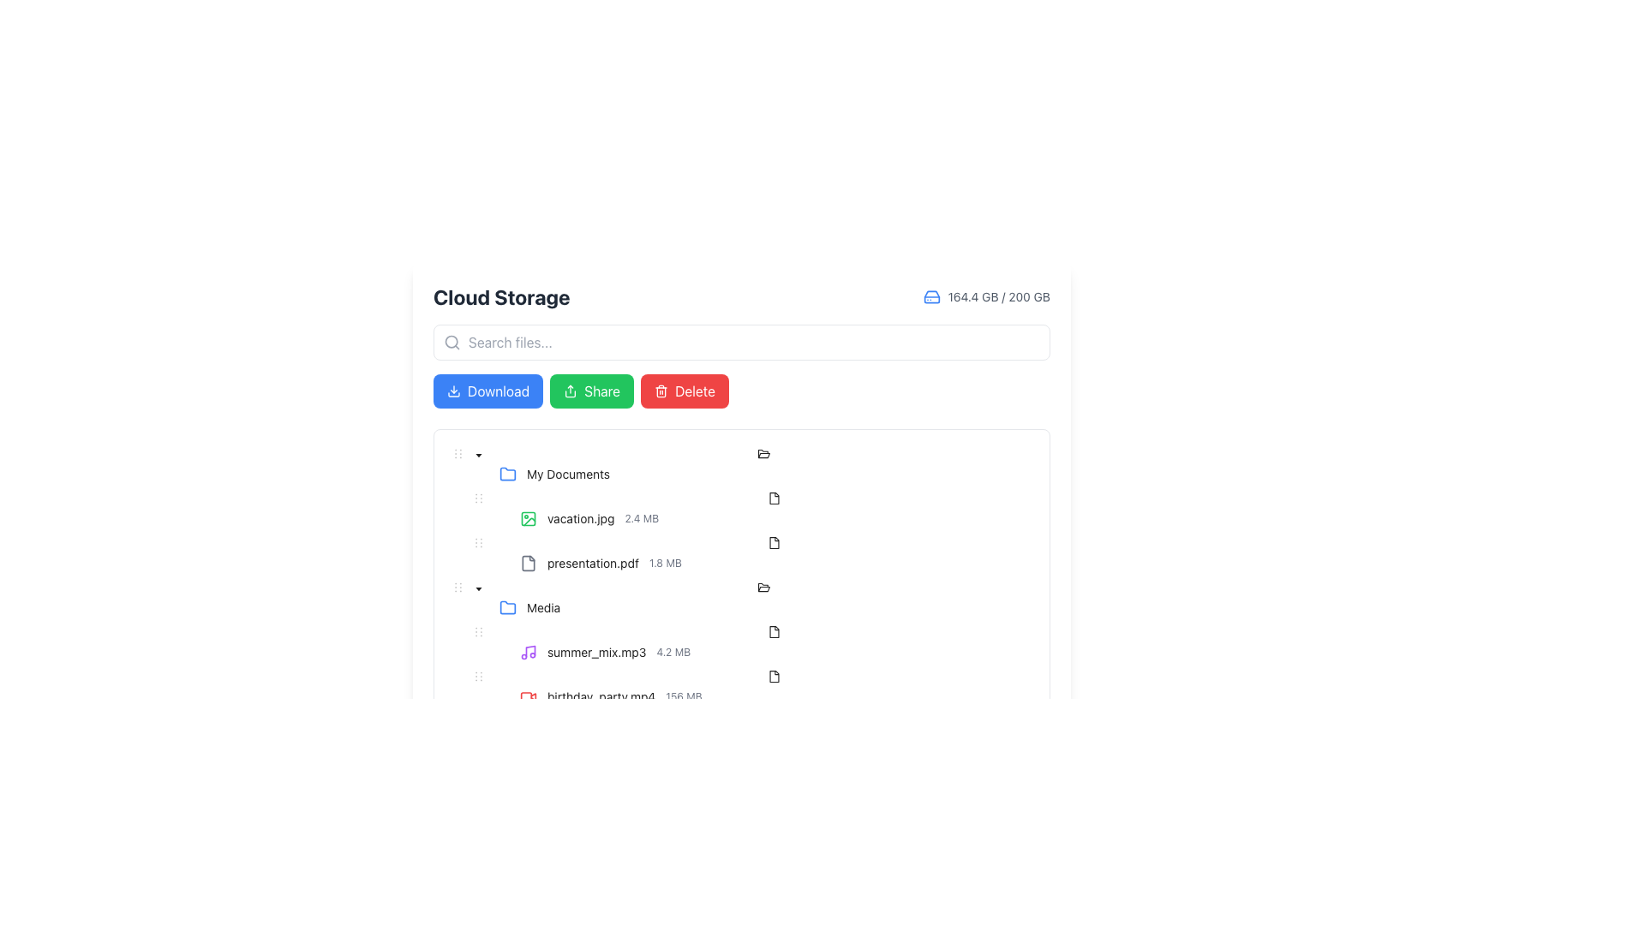  What do you see at coordinates (763, 586) in the screenshot?
I see `descriptive label associated with the open folder icon located to the left of the 'Media' label in the file tree structure` at bounding box center [763, 586].